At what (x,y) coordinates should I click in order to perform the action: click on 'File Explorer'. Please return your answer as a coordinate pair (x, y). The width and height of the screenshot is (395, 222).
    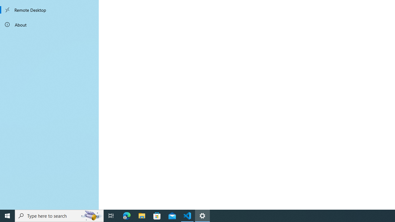
    Looking at the image, I should click on (142, 215).